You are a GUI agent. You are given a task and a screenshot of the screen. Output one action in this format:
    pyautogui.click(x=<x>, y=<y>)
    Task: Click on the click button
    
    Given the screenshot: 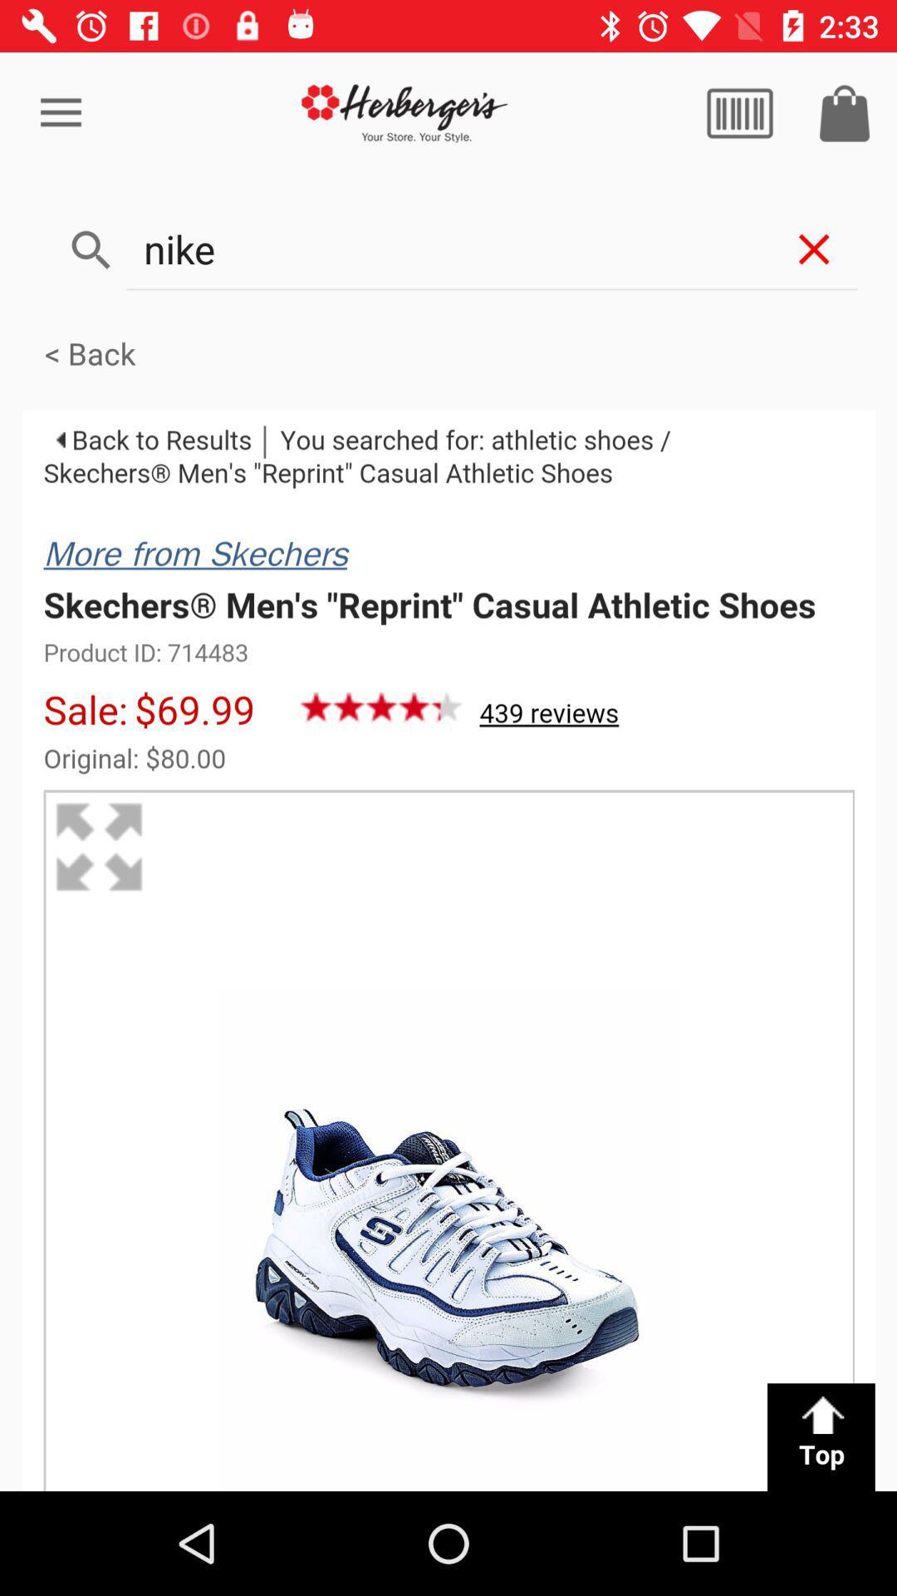 What is the action you would take?
    pyautogui.click(x=739, y=112)
    